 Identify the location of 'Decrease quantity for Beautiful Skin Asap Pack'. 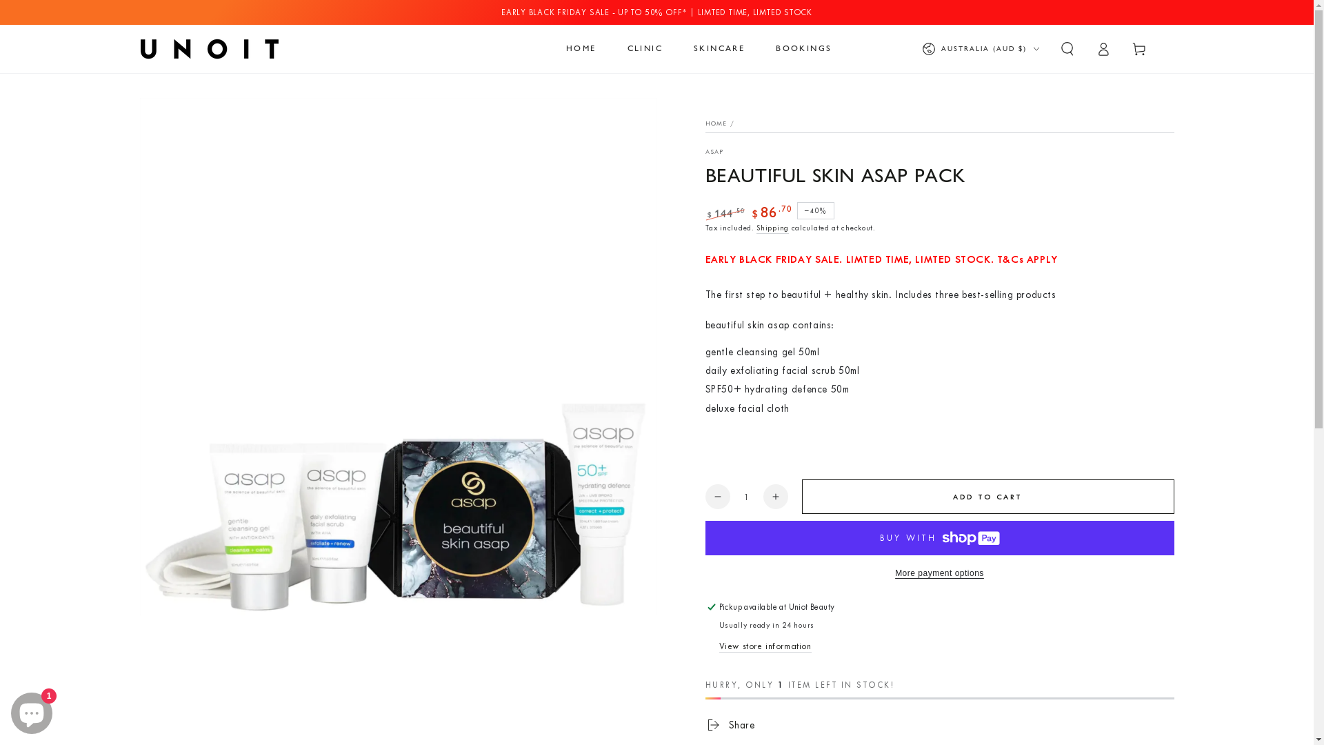
(717, 497).